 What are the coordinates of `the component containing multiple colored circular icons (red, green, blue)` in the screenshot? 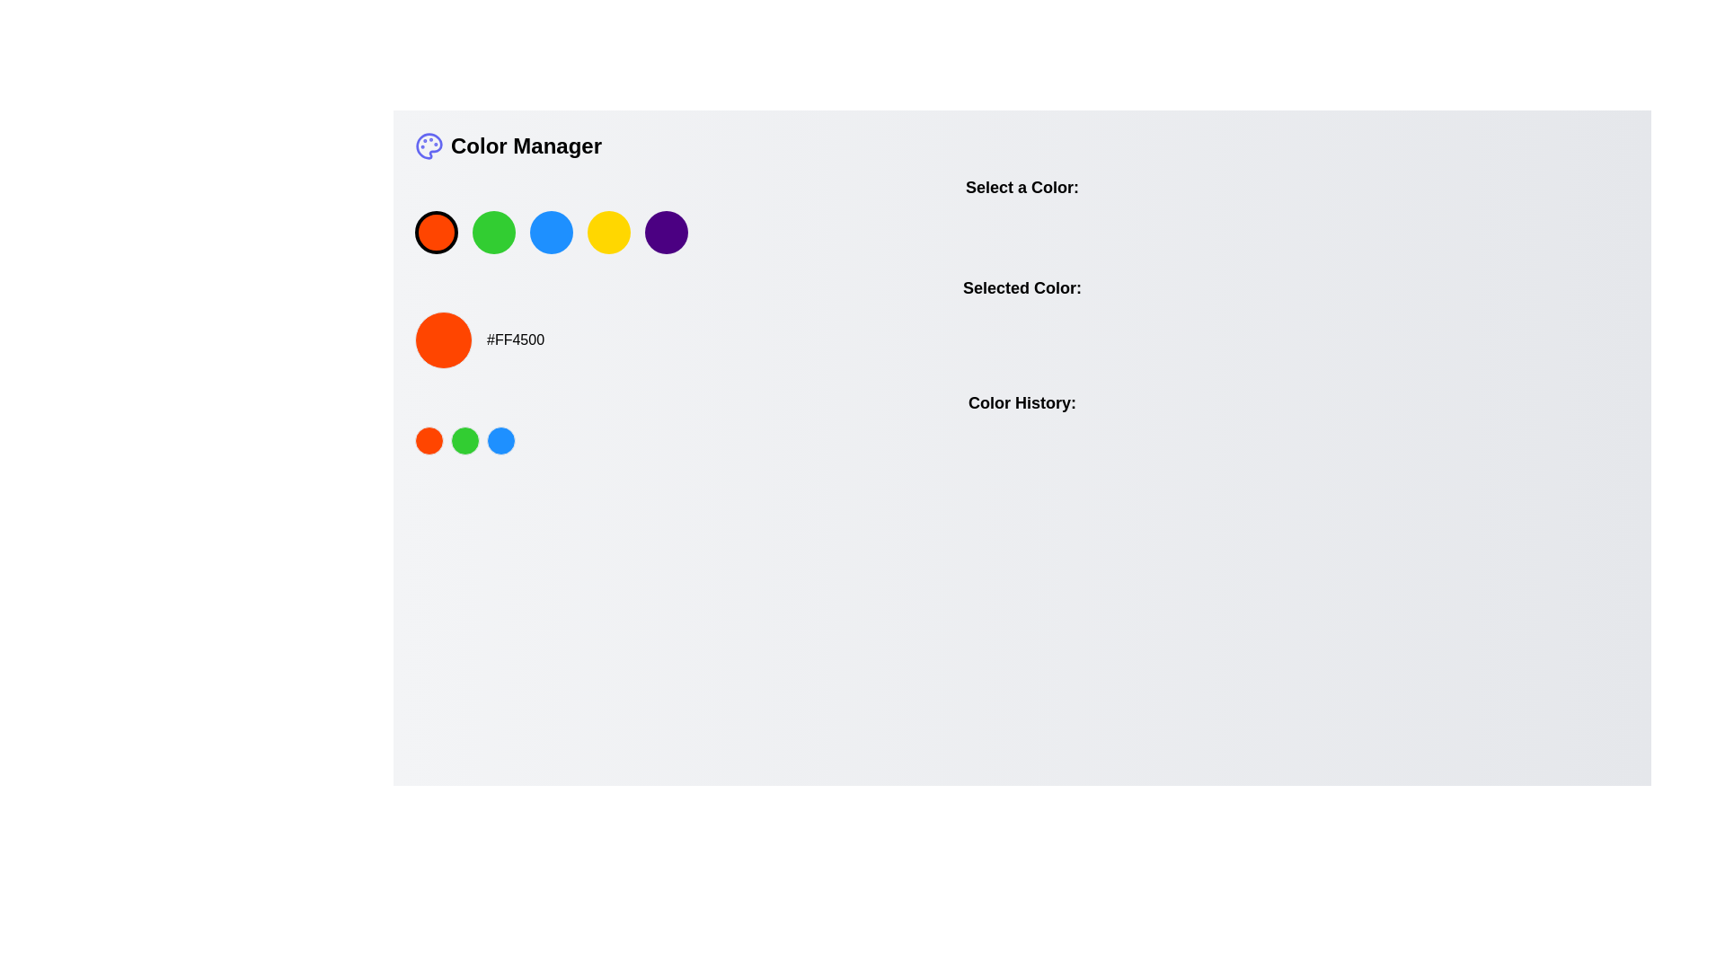 It's located at (1022, 440).